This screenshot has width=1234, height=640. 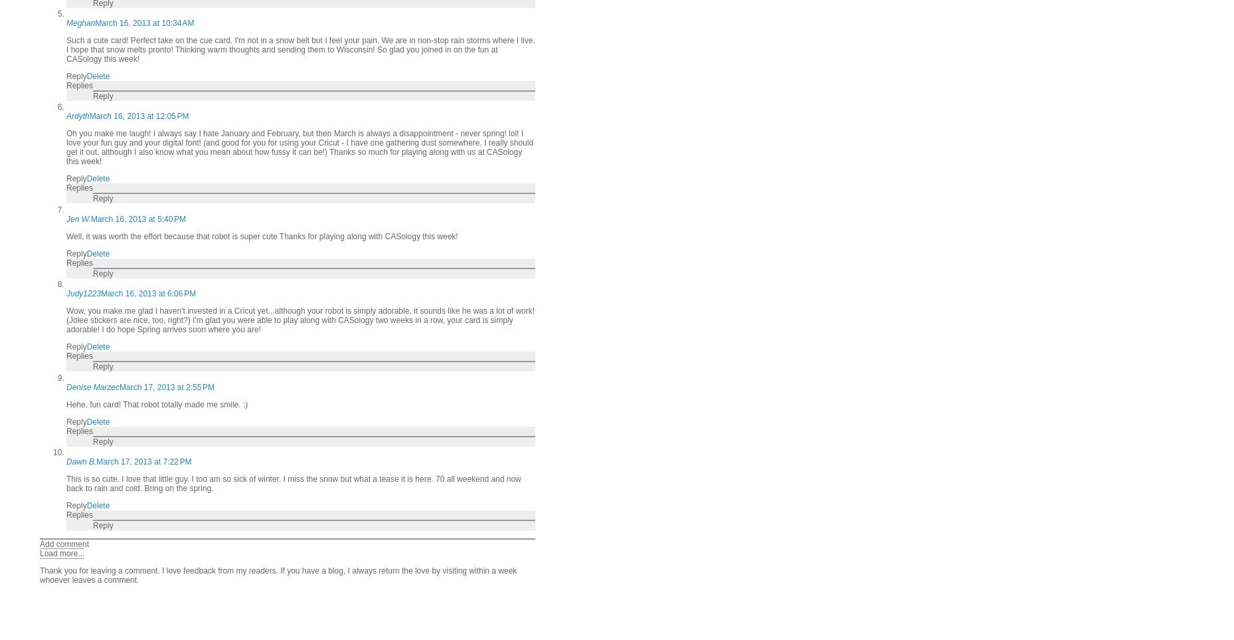 I want to click on 'Denise Marzec', so click(x=92, y=387).